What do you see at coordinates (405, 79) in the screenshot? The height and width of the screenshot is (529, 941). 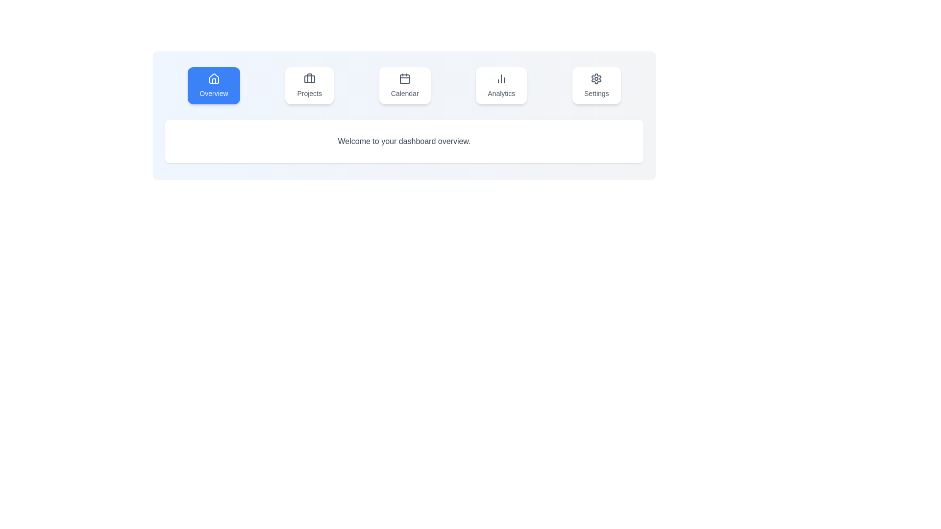 I see `the rounded rectangle component of the calendar icon, which is the third item in the header's main navigation bar at the top center of the interface` at bounding box center [405, 79].